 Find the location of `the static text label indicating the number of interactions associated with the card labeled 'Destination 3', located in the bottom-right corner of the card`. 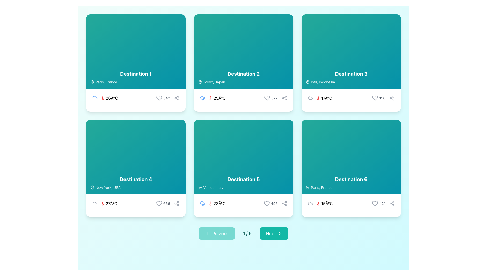

the static text label indicating the number of interactions associated with the card labeled 'Destination 3', located in the bottom-right corner of the card is located at coordinates (382, 98).